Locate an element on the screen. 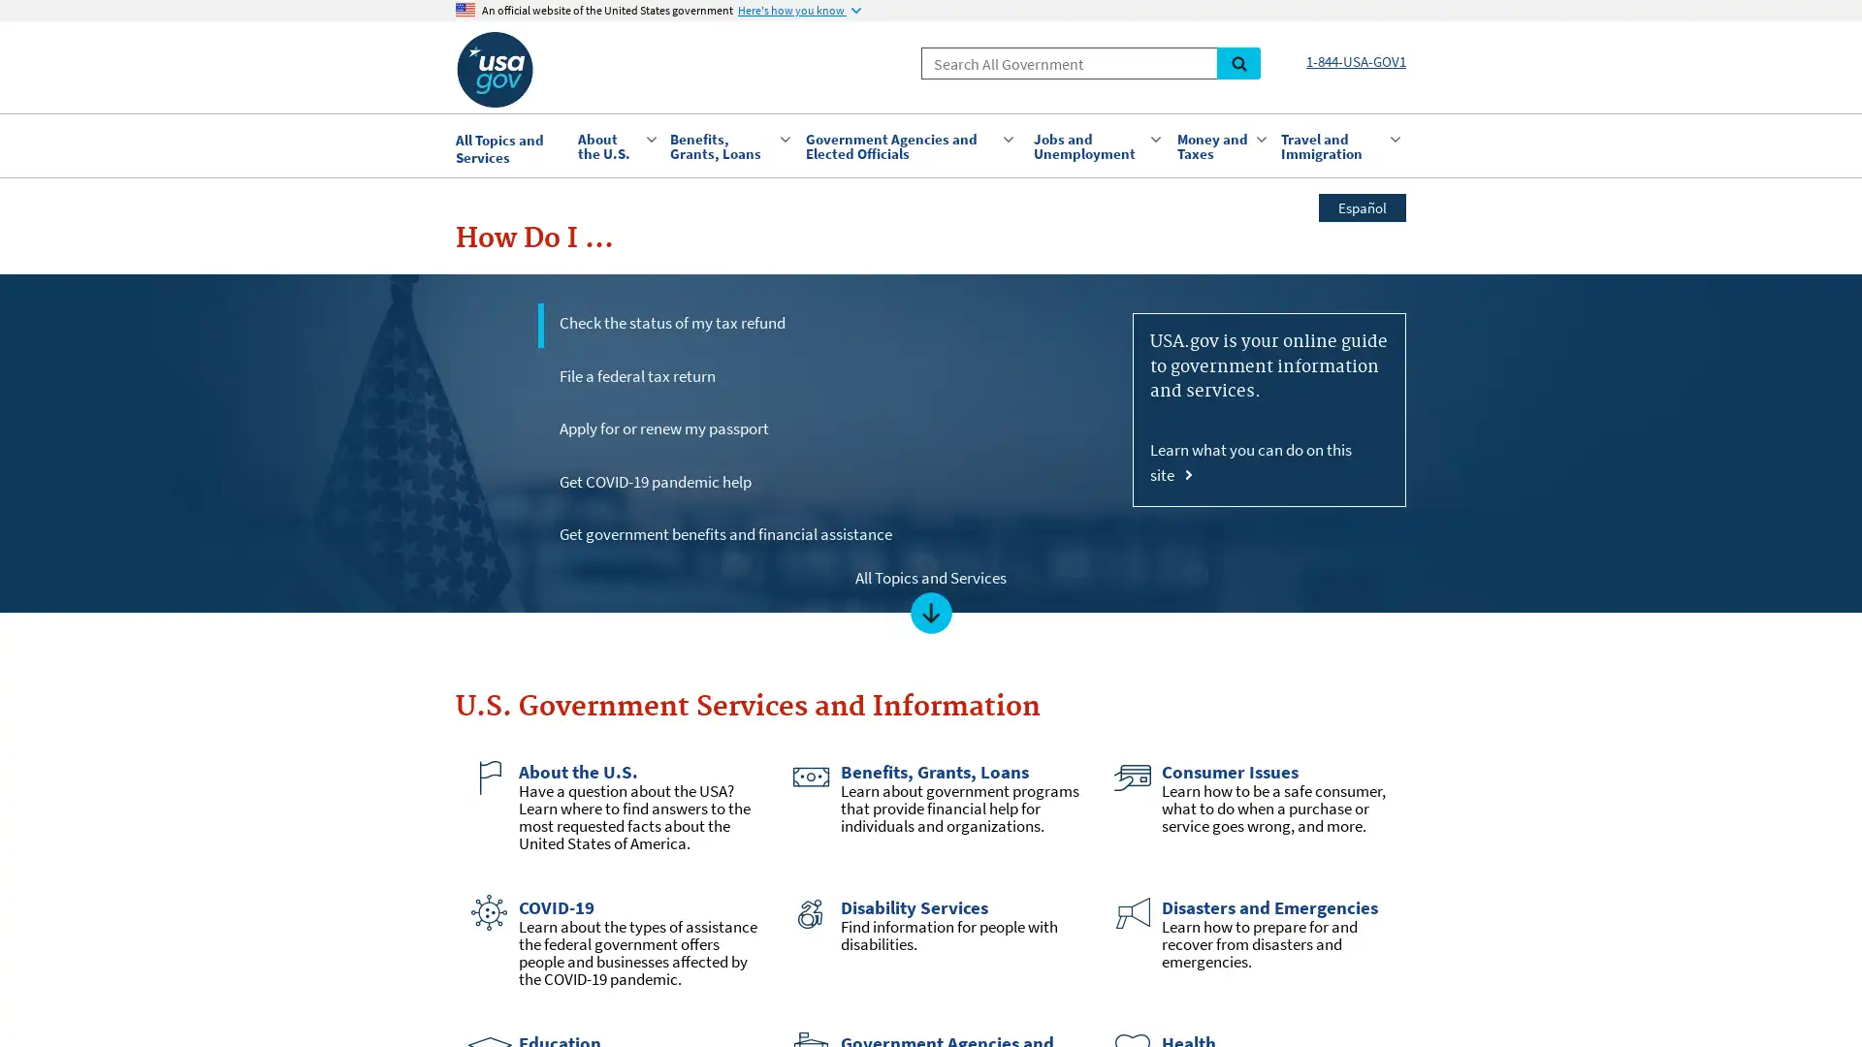  Benefits, Grants, Loans is located at coordinates (726, 144).